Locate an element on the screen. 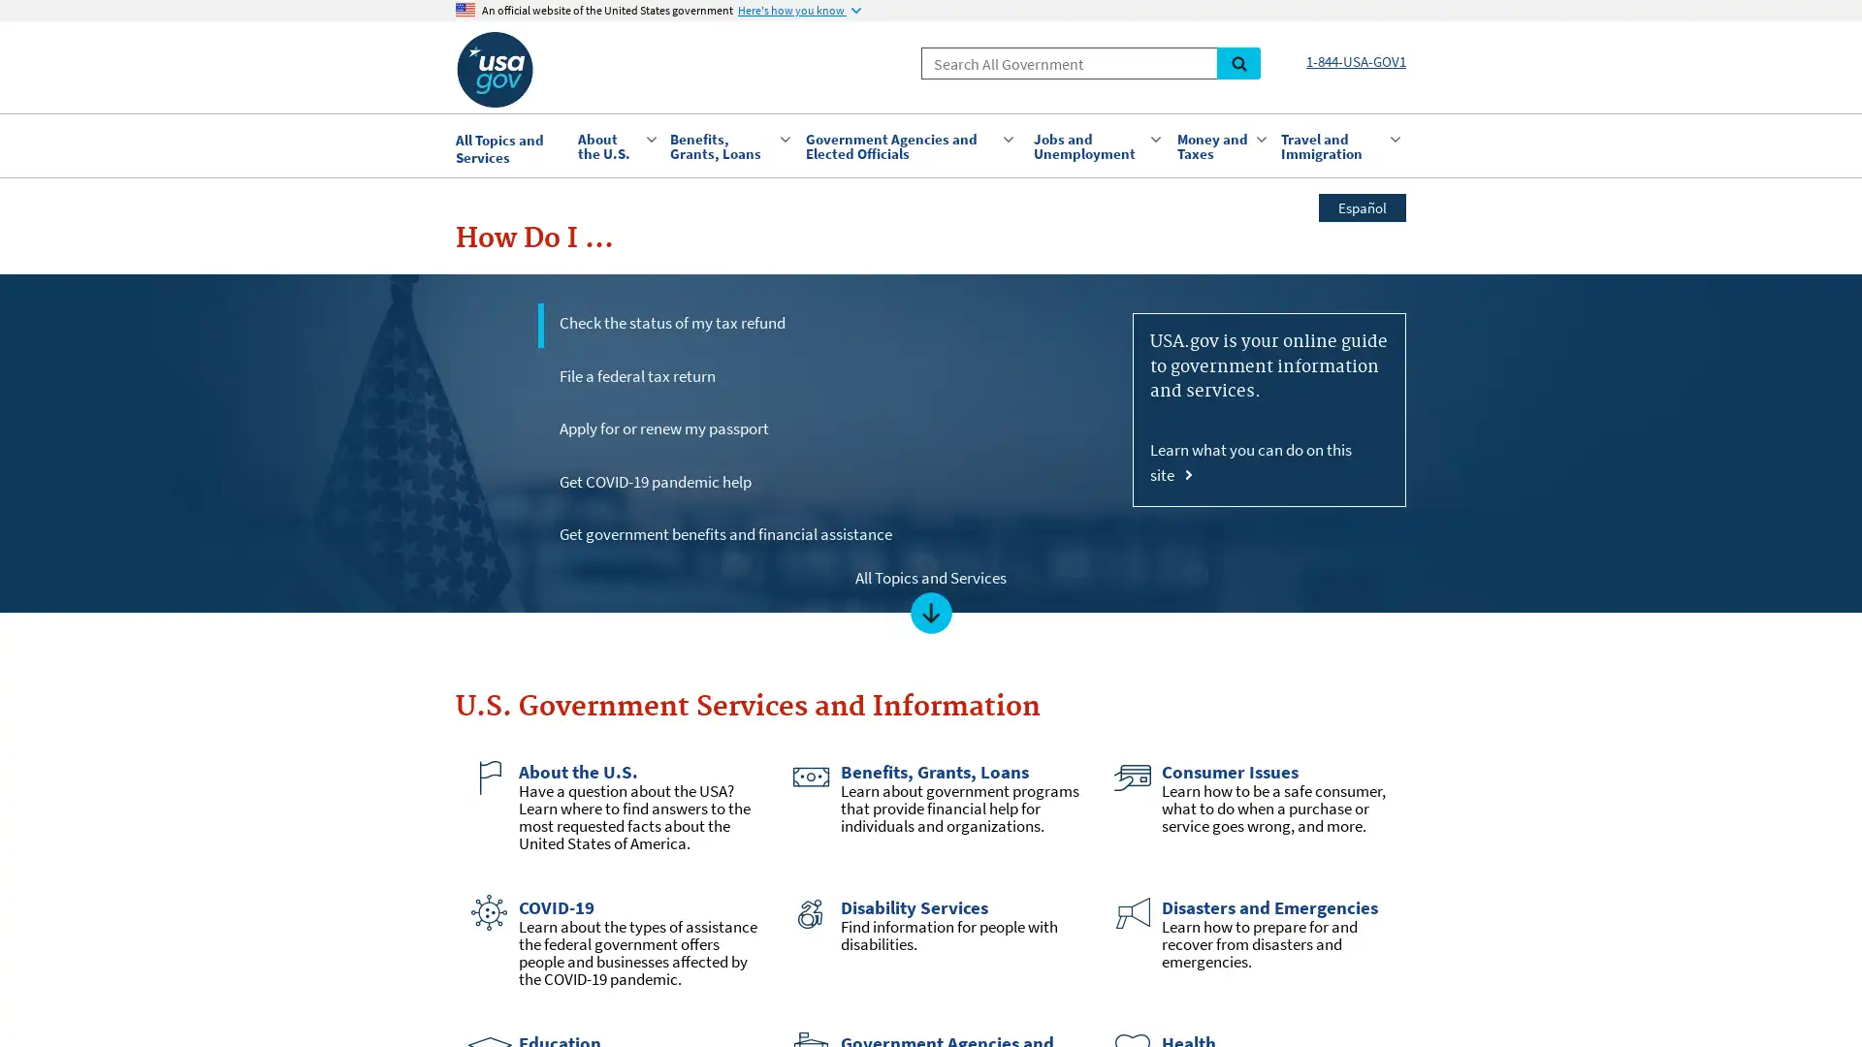  Benefits, Grants, Loans is located at coordinates (726, 144).